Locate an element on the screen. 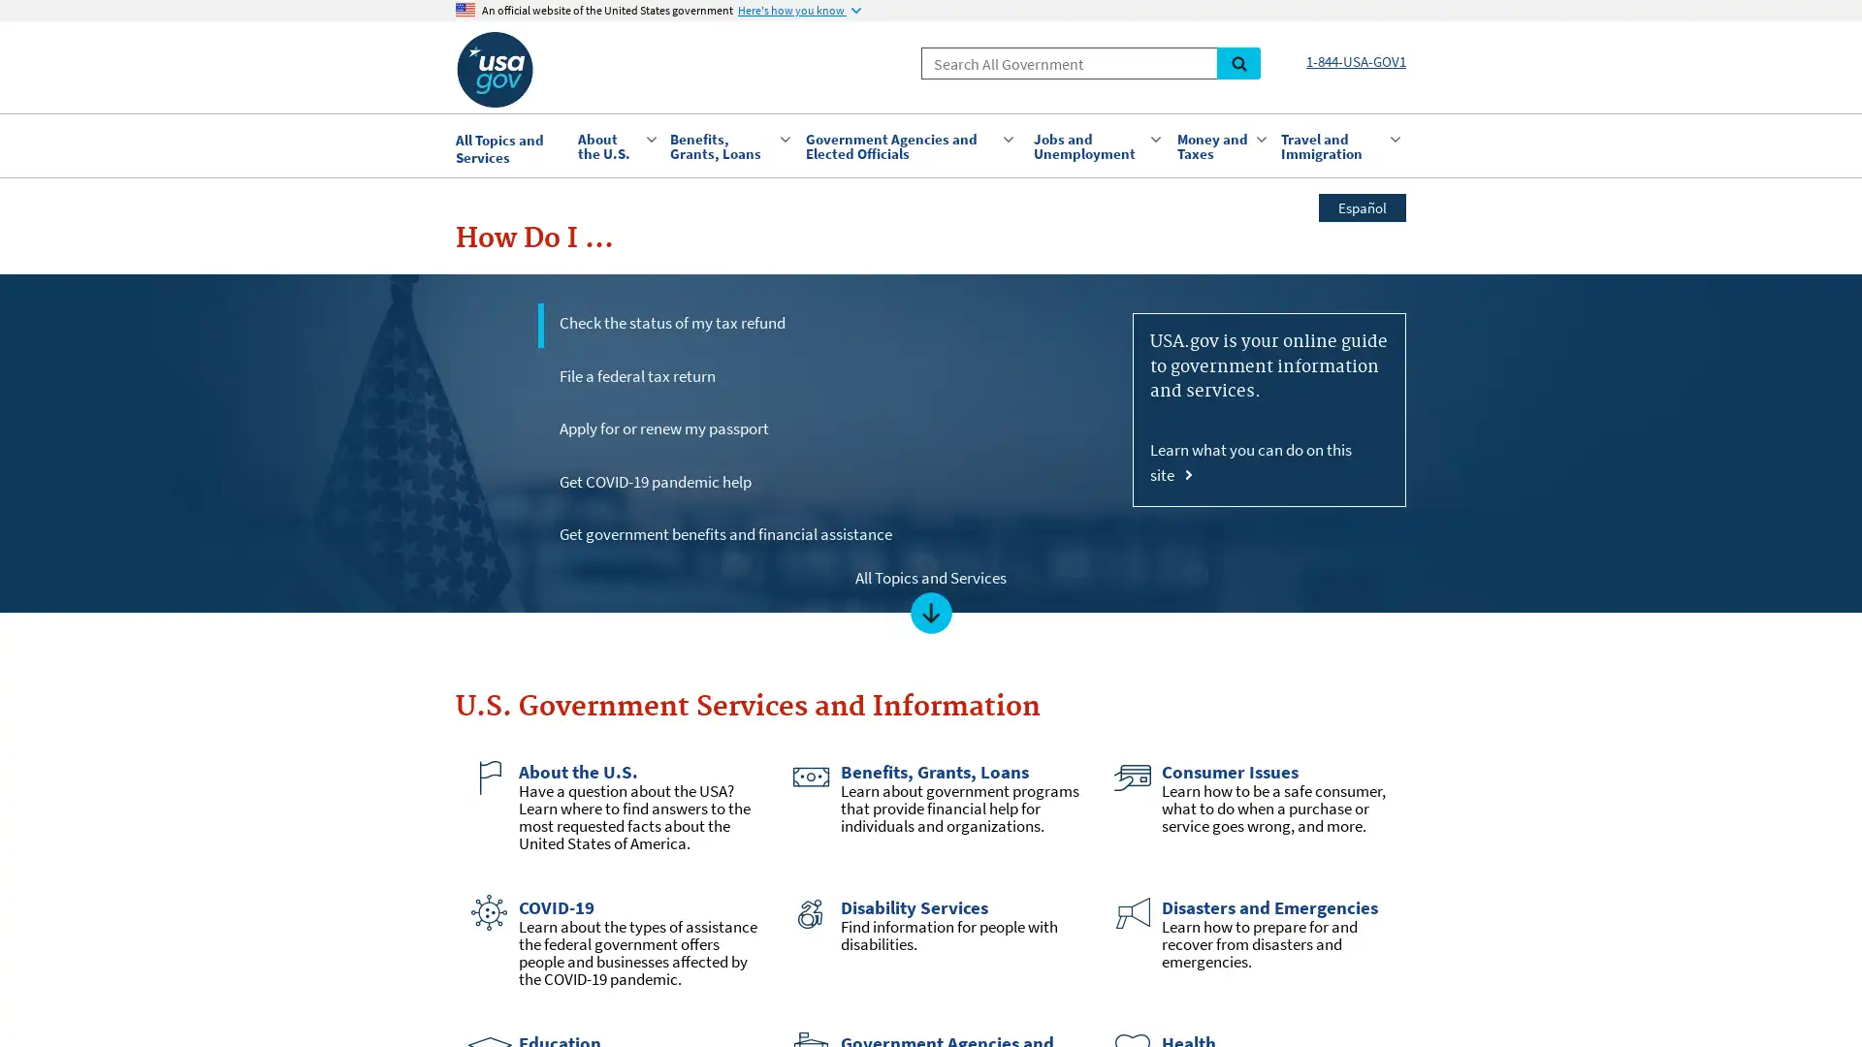  Benefits, Grants, Loans is located at coordinates (726, 144).